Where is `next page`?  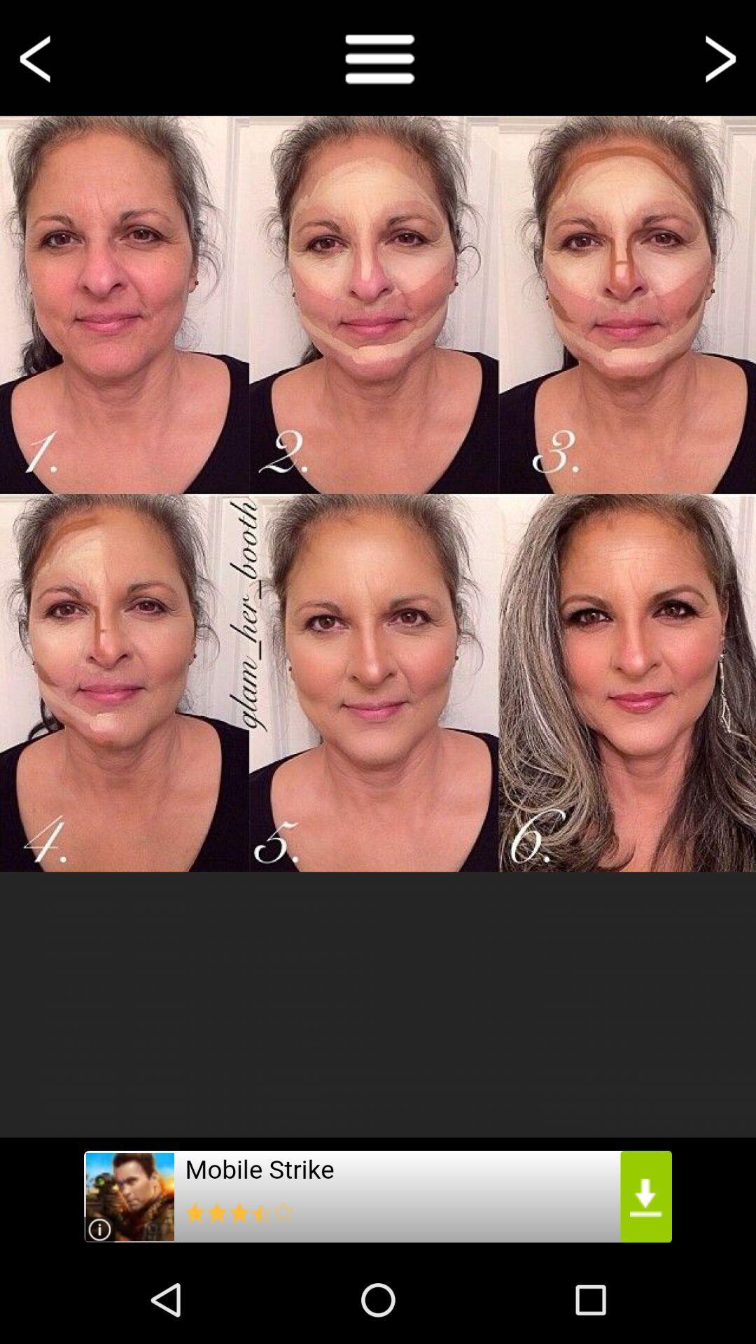
next page is located at coordinates (718, 57).